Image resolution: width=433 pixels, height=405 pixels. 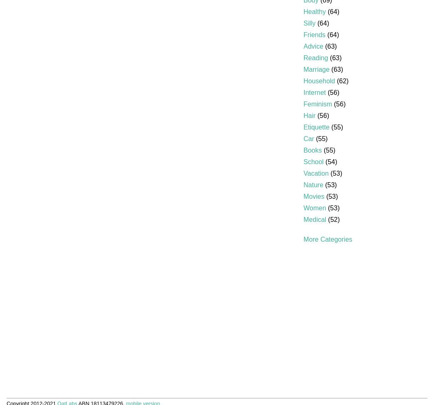 I want to click on '(54)', so click(x=329, y=162).